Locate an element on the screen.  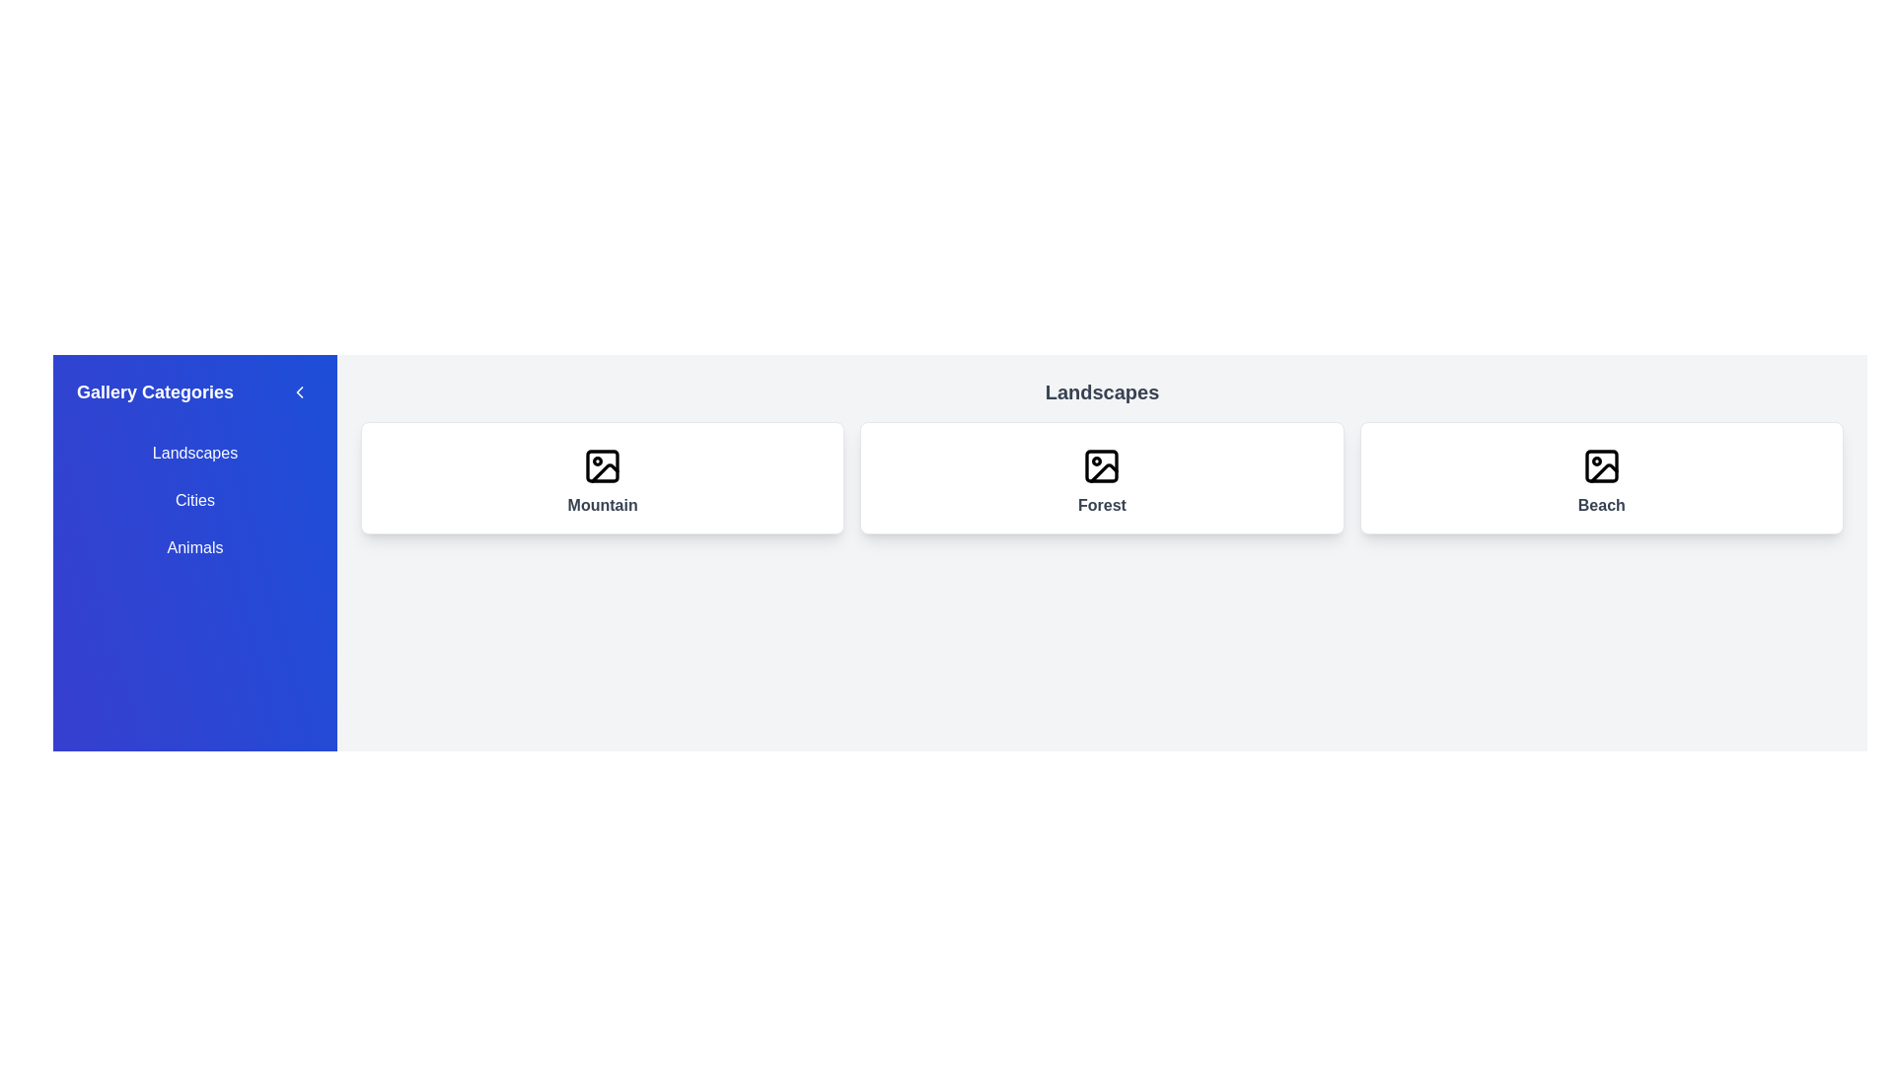
descriptive label 'Forest' located at the center of the second card in a horizontally-aligned group of three cards, positioned below an image icon is located at coordinates (1101, 505).